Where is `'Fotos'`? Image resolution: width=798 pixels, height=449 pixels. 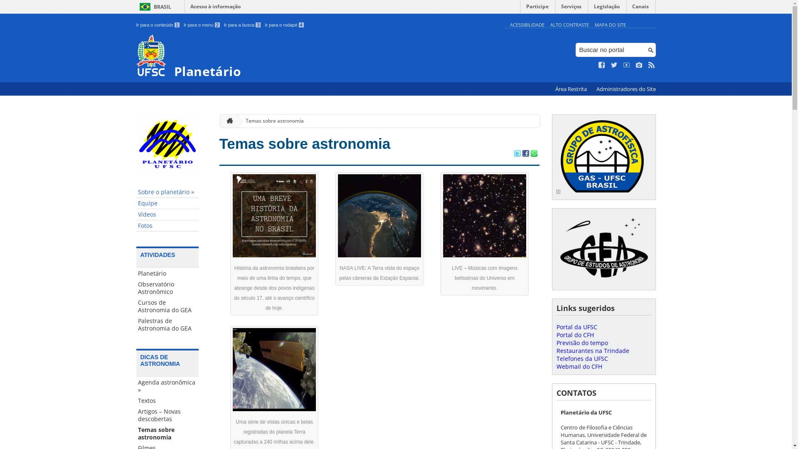 'Fotos' is located at coordinates (167, 226).